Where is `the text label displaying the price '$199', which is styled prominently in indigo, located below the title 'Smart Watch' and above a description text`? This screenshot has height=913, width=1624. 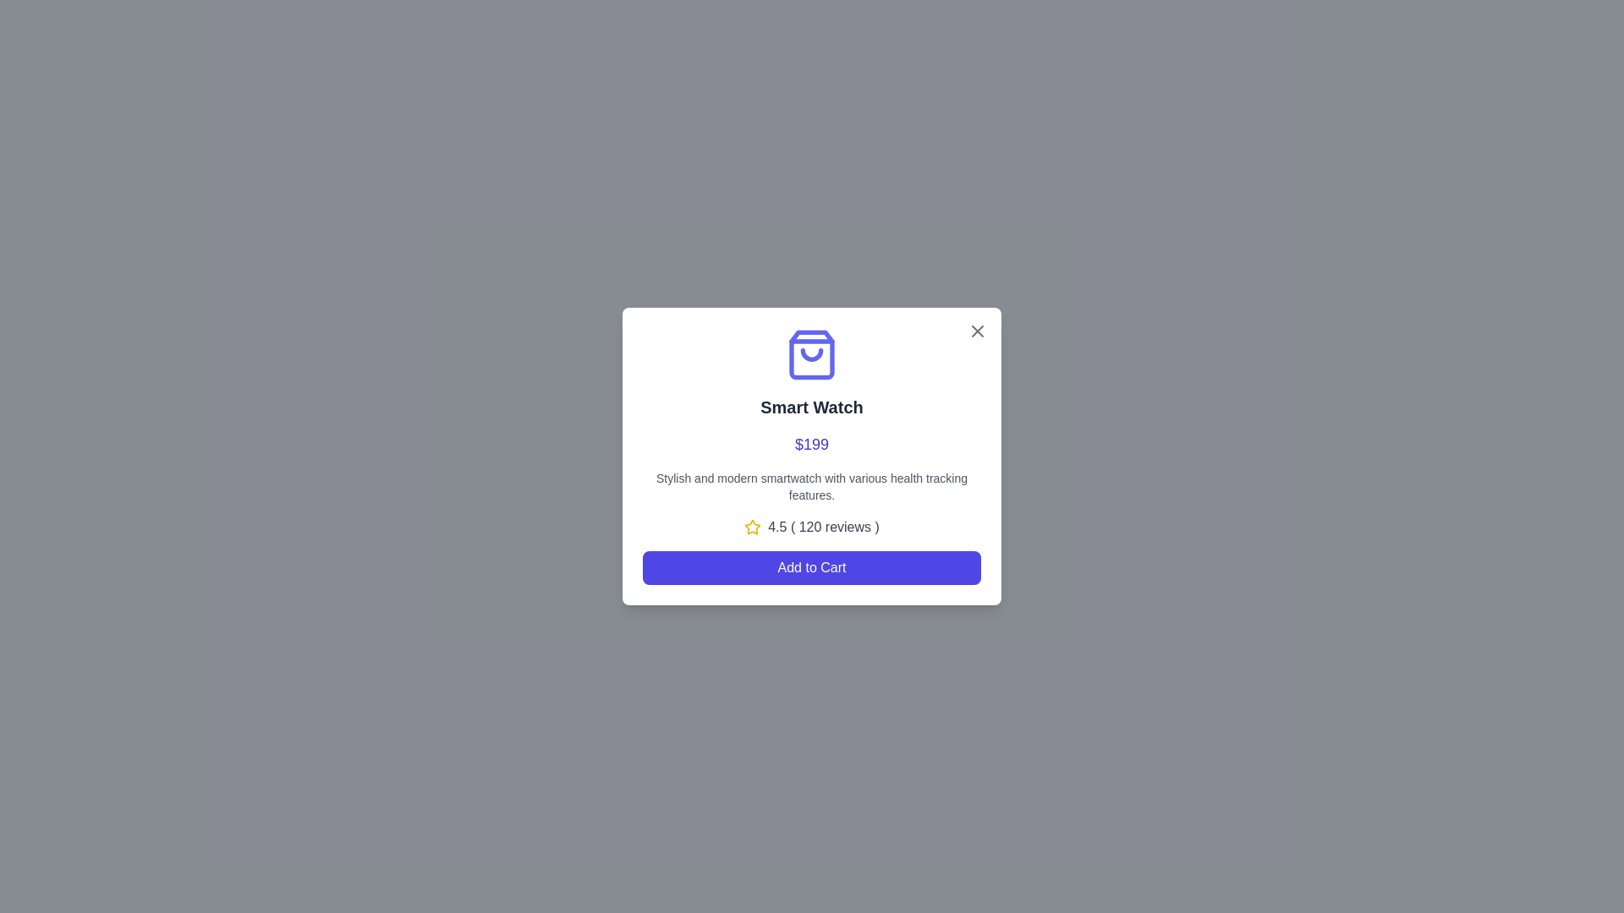
the text label displaying the price '$199', which is styled prominently in indigo, located below the title 'Smart Watch' and above a description text is located at coordinates (812, 443).